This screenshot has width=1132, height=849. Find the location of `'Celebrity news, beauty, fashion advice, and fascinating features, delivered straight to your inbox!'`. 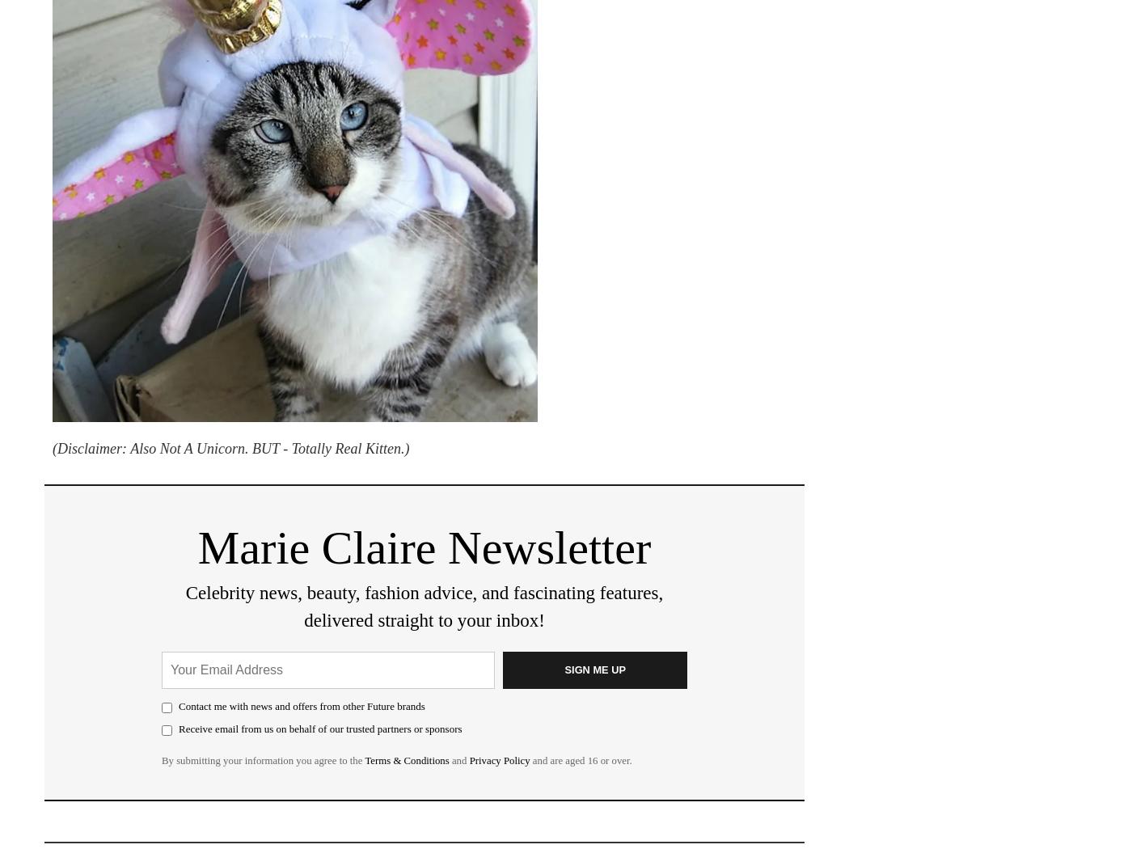

'Celebrity news, beauty, fashion advice, and fascinating features, delivered straight to your inbox!' is located at coordinates (424, 606).